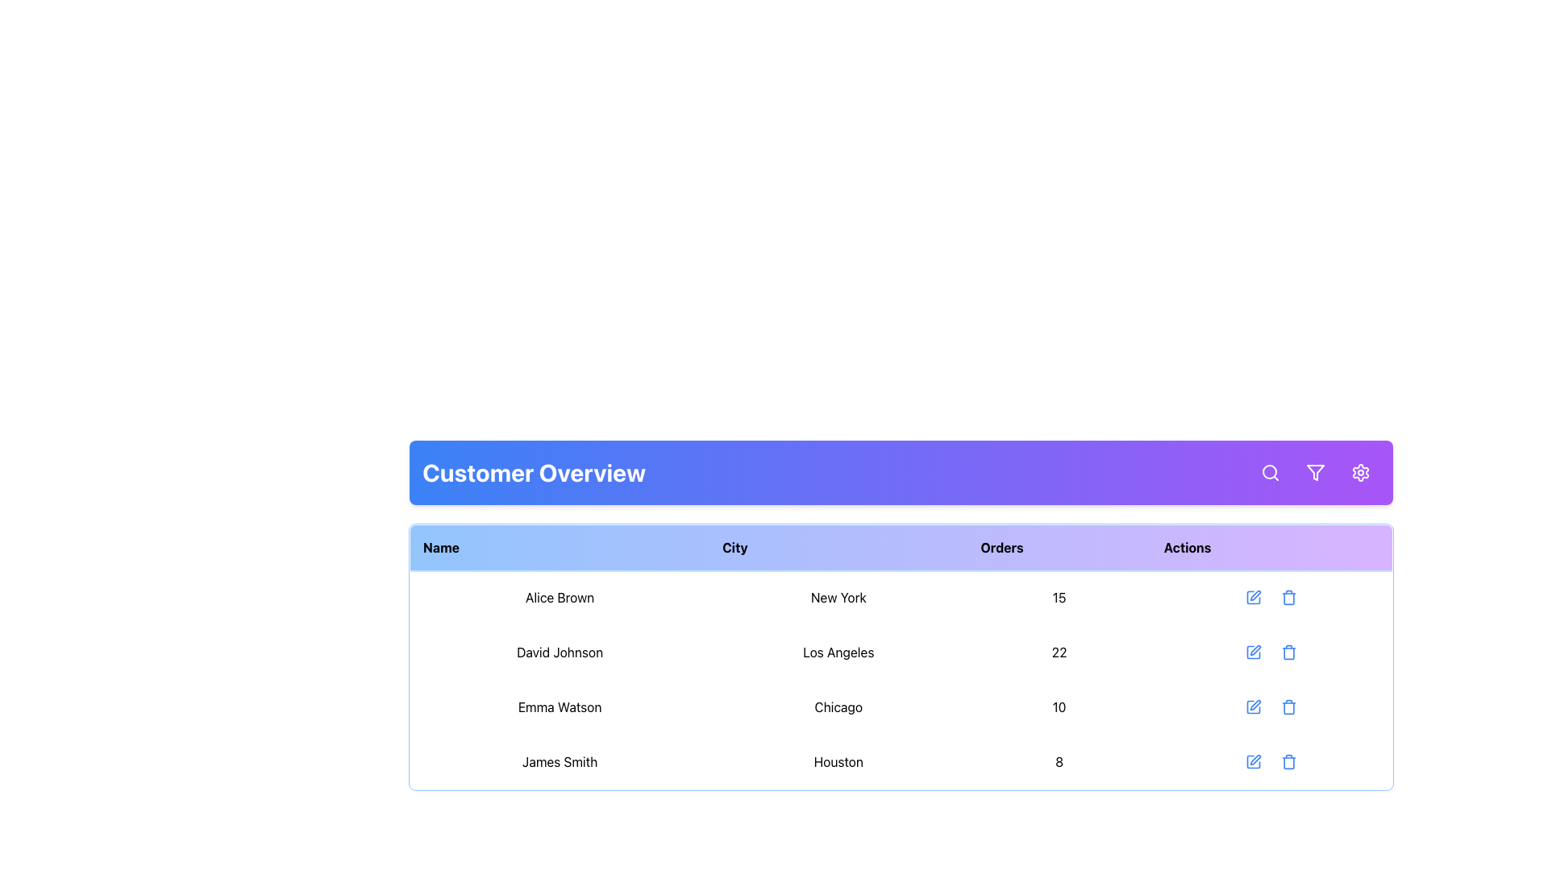 Image resolution: width=1548 pixels, height=870 pixels. I want to click on text display element showing the name 'Emma Watson' in the third row of the 'Name' column of the table for interaction, so click(560, 706).